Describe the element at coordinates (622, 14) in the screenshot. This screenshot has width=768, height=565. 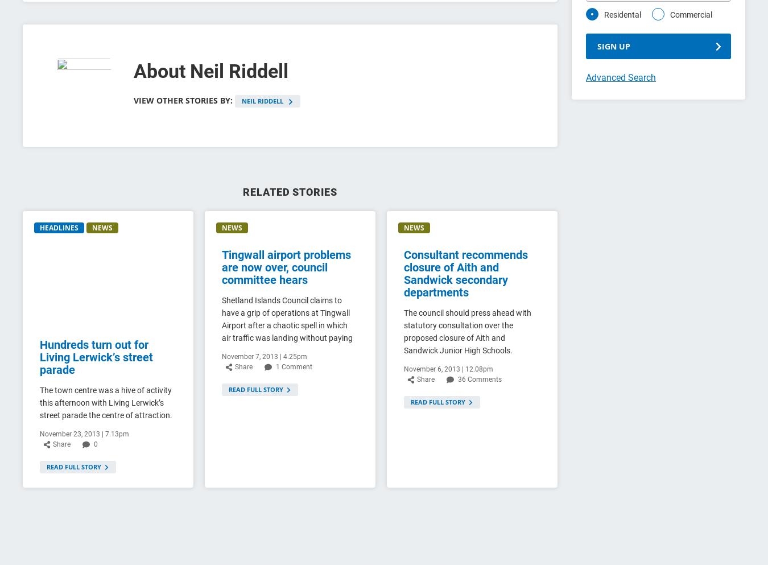
I see `'Residental'` at that location.